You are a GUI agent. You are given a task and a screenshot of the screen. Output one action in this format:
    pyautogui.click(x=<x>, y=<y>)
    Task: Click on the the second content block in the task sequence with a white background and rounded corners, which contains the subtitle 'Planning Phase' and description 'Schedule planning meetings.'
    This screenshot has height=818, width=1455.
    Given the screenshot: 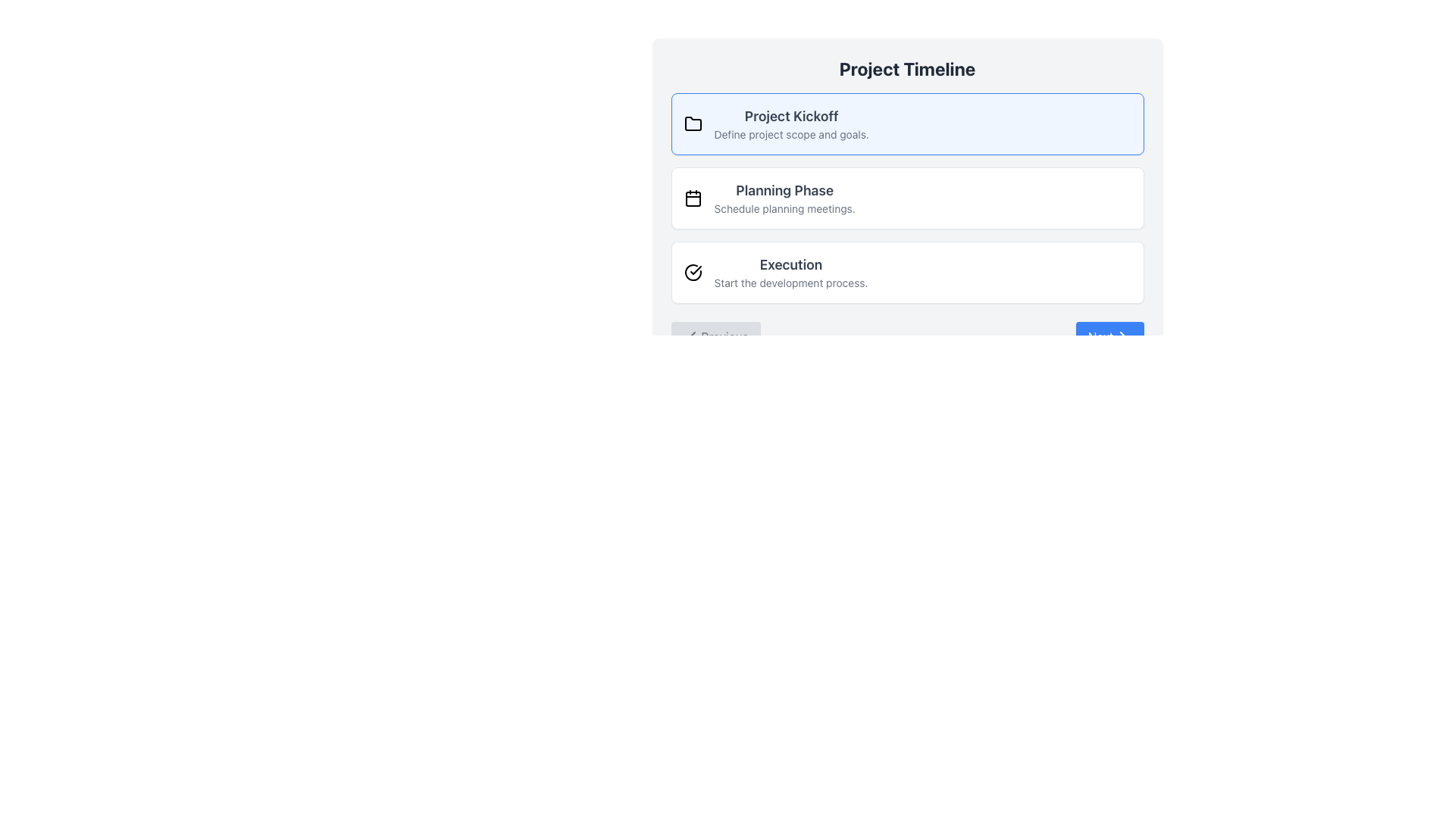 What is the action you would take?
    pyautogui.click(x=907, y=204)
    